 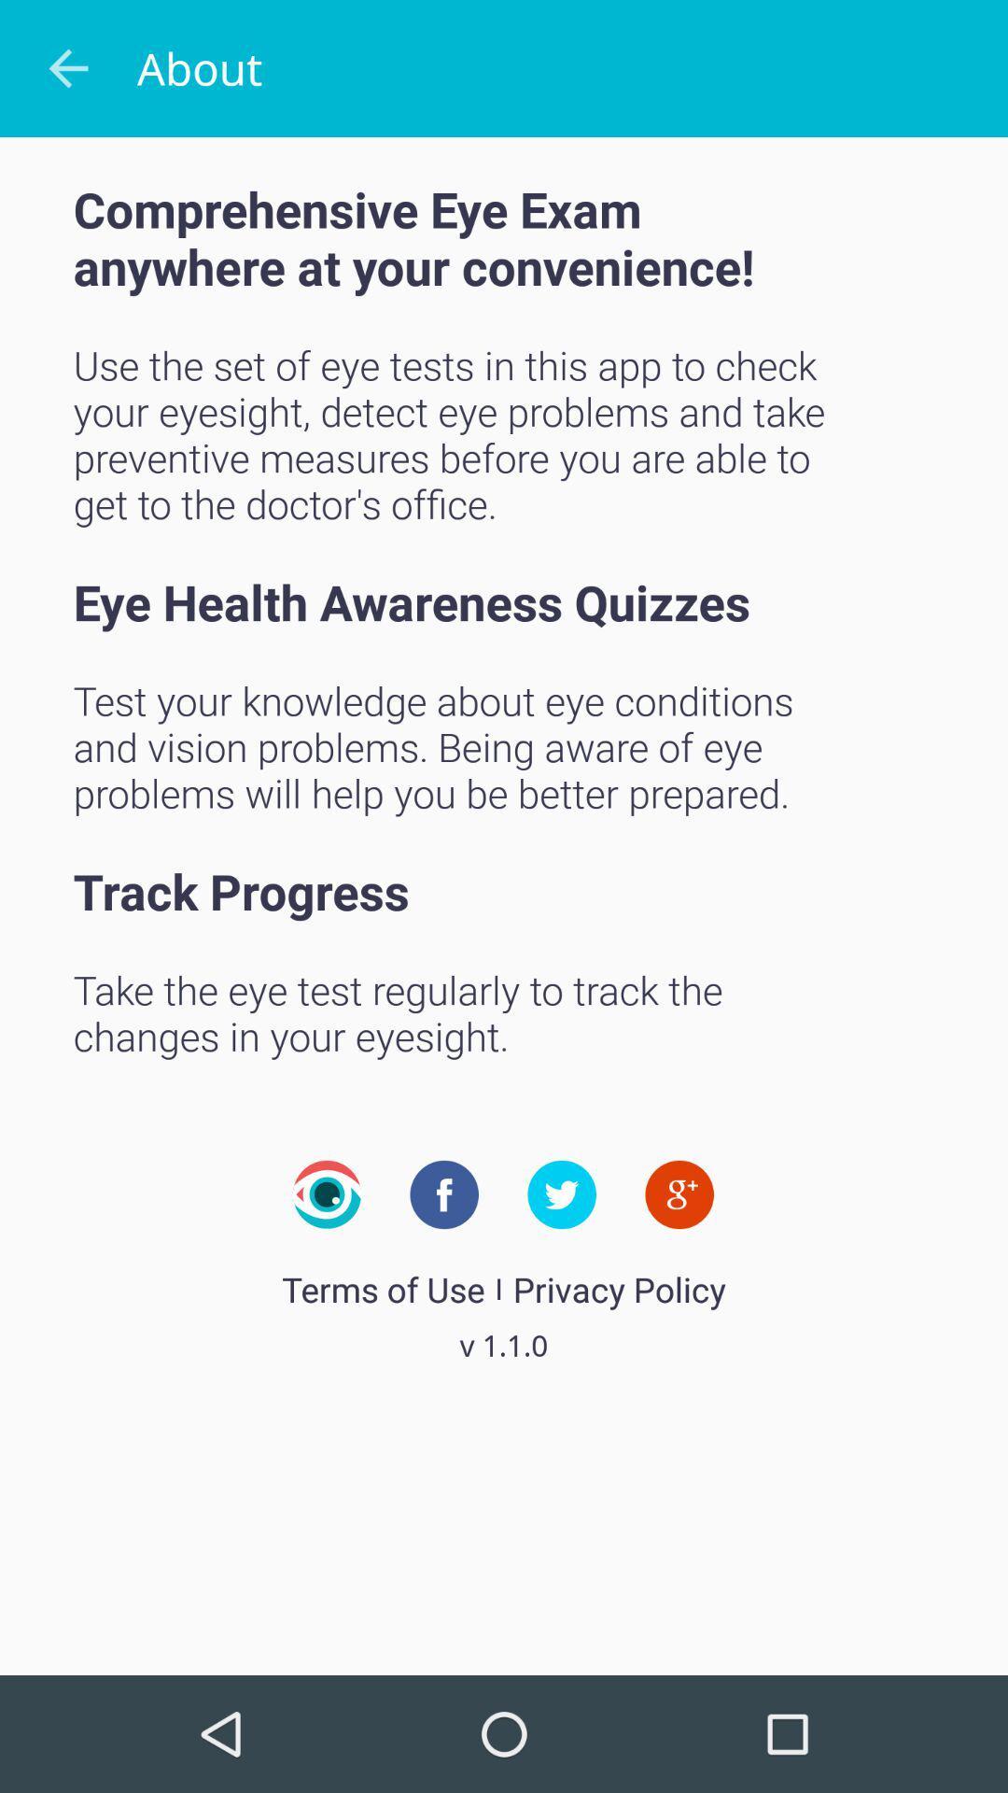 What do you see at coordinates (561, 1193) in the screenshot?
I see `our twitter page` at bounding box center [561, 1193].